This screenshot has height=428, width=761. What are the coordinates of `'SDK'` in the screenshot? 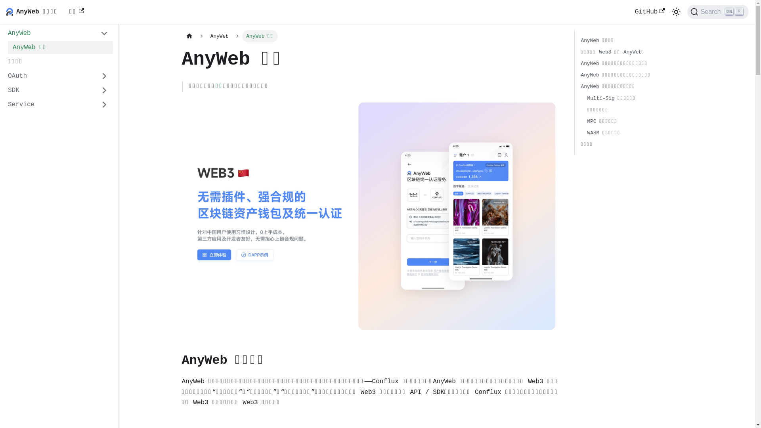 It's located at (57, 90).